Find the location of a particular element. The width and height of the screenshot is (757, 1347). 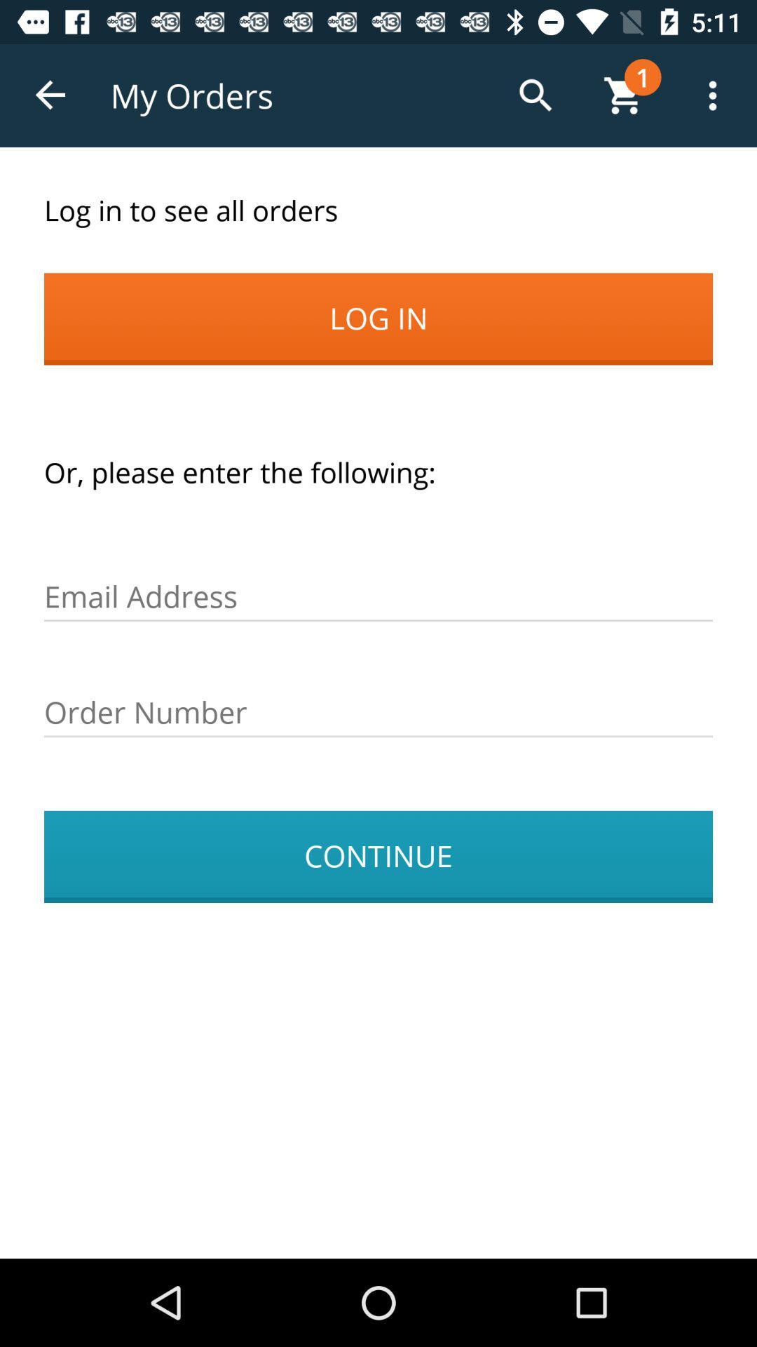

text field for the order number is located at coordinates (378, 713).